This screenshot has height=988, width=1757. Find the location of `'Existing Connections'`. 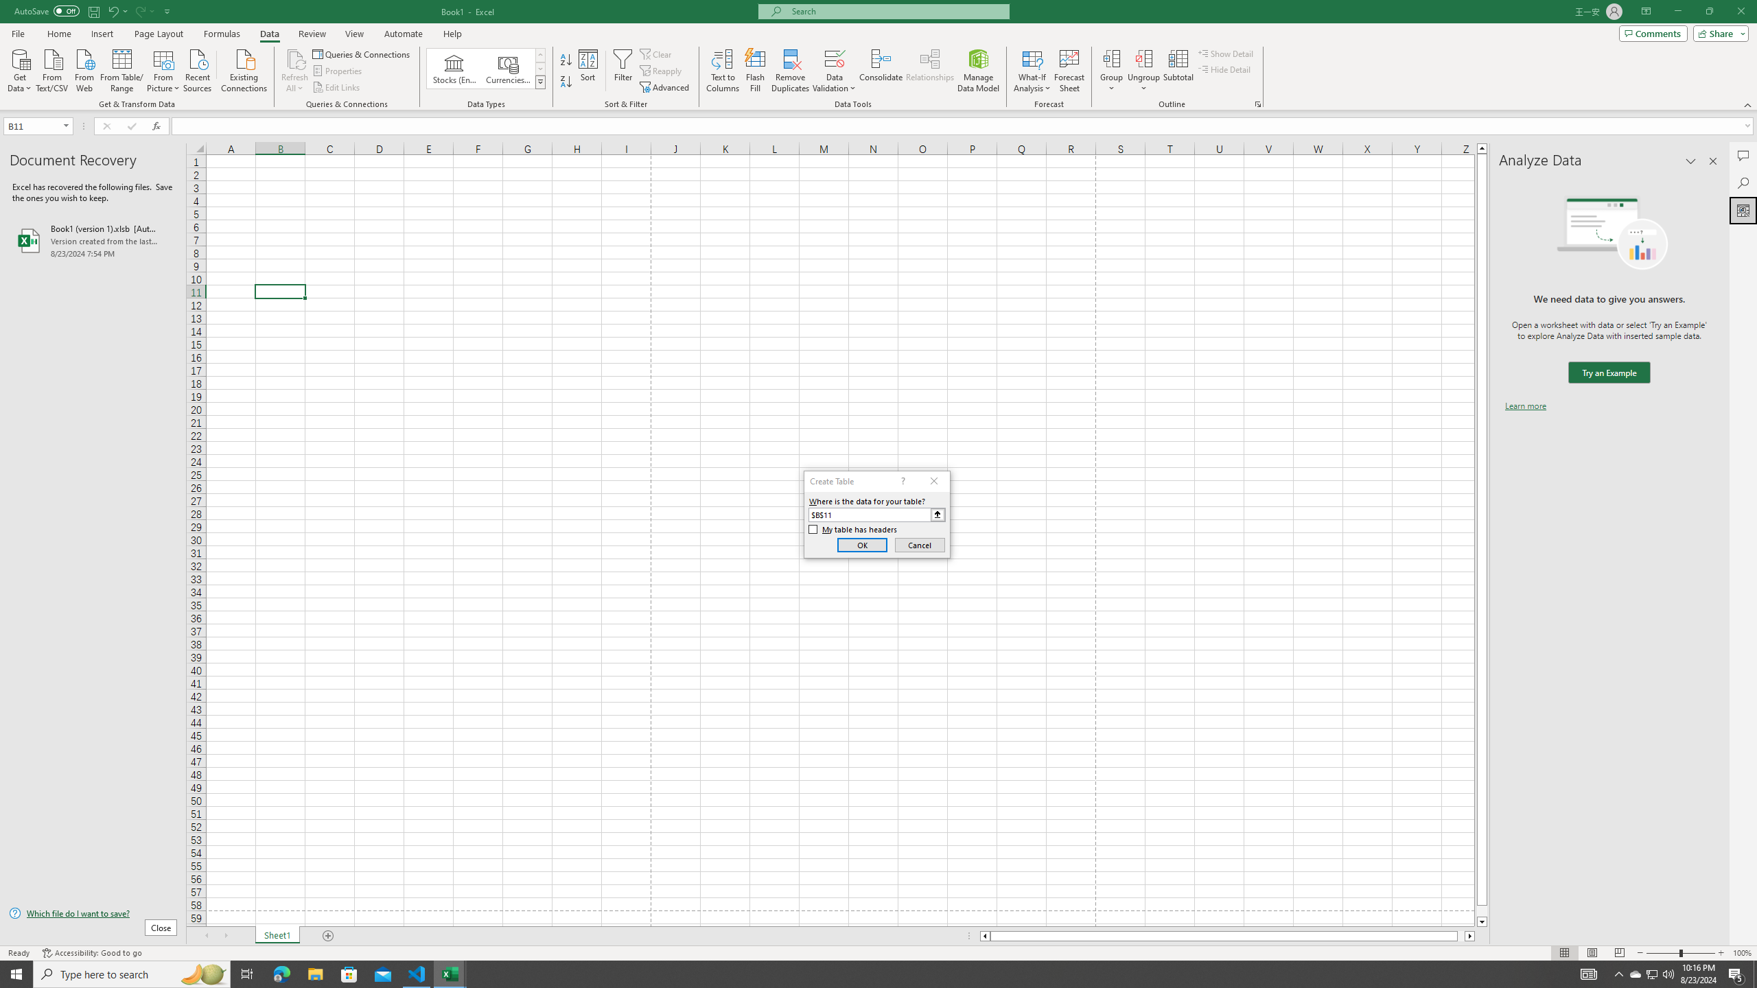

'Existing Connections' is located at coordinates (243, 69).